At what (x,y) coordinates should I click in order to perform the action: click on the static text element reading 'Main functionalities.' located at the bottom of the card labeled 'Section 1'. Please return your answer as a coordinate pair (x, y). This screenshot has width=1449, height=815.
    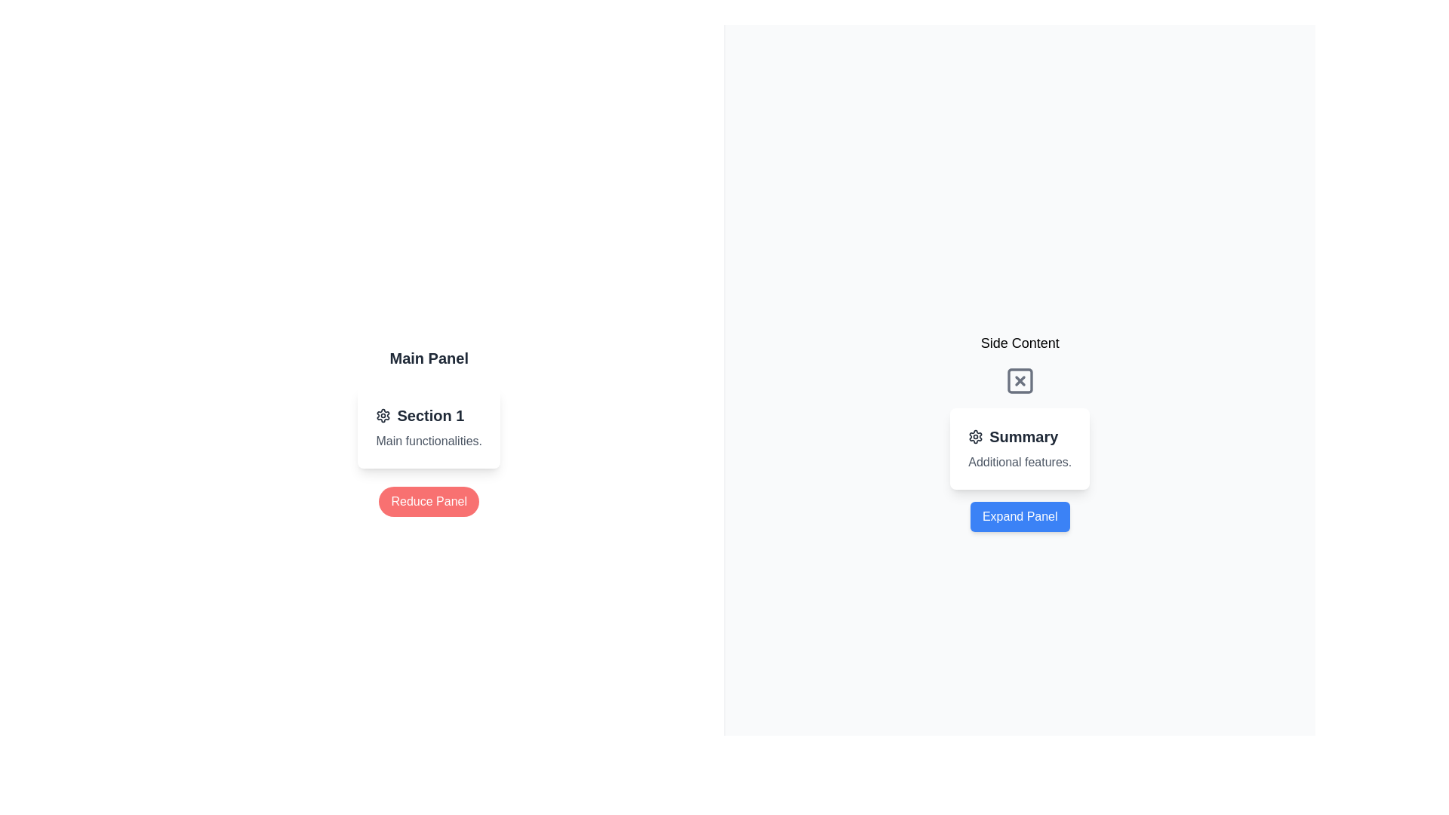
    Looking at the image, I should click on (428, 441).